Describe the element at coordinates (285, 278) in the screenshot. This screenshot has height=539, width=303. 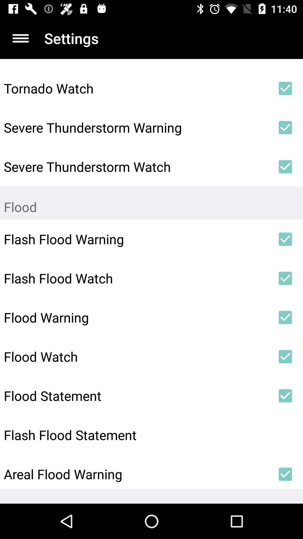
I see `item next to the flash flood watch` at that location.